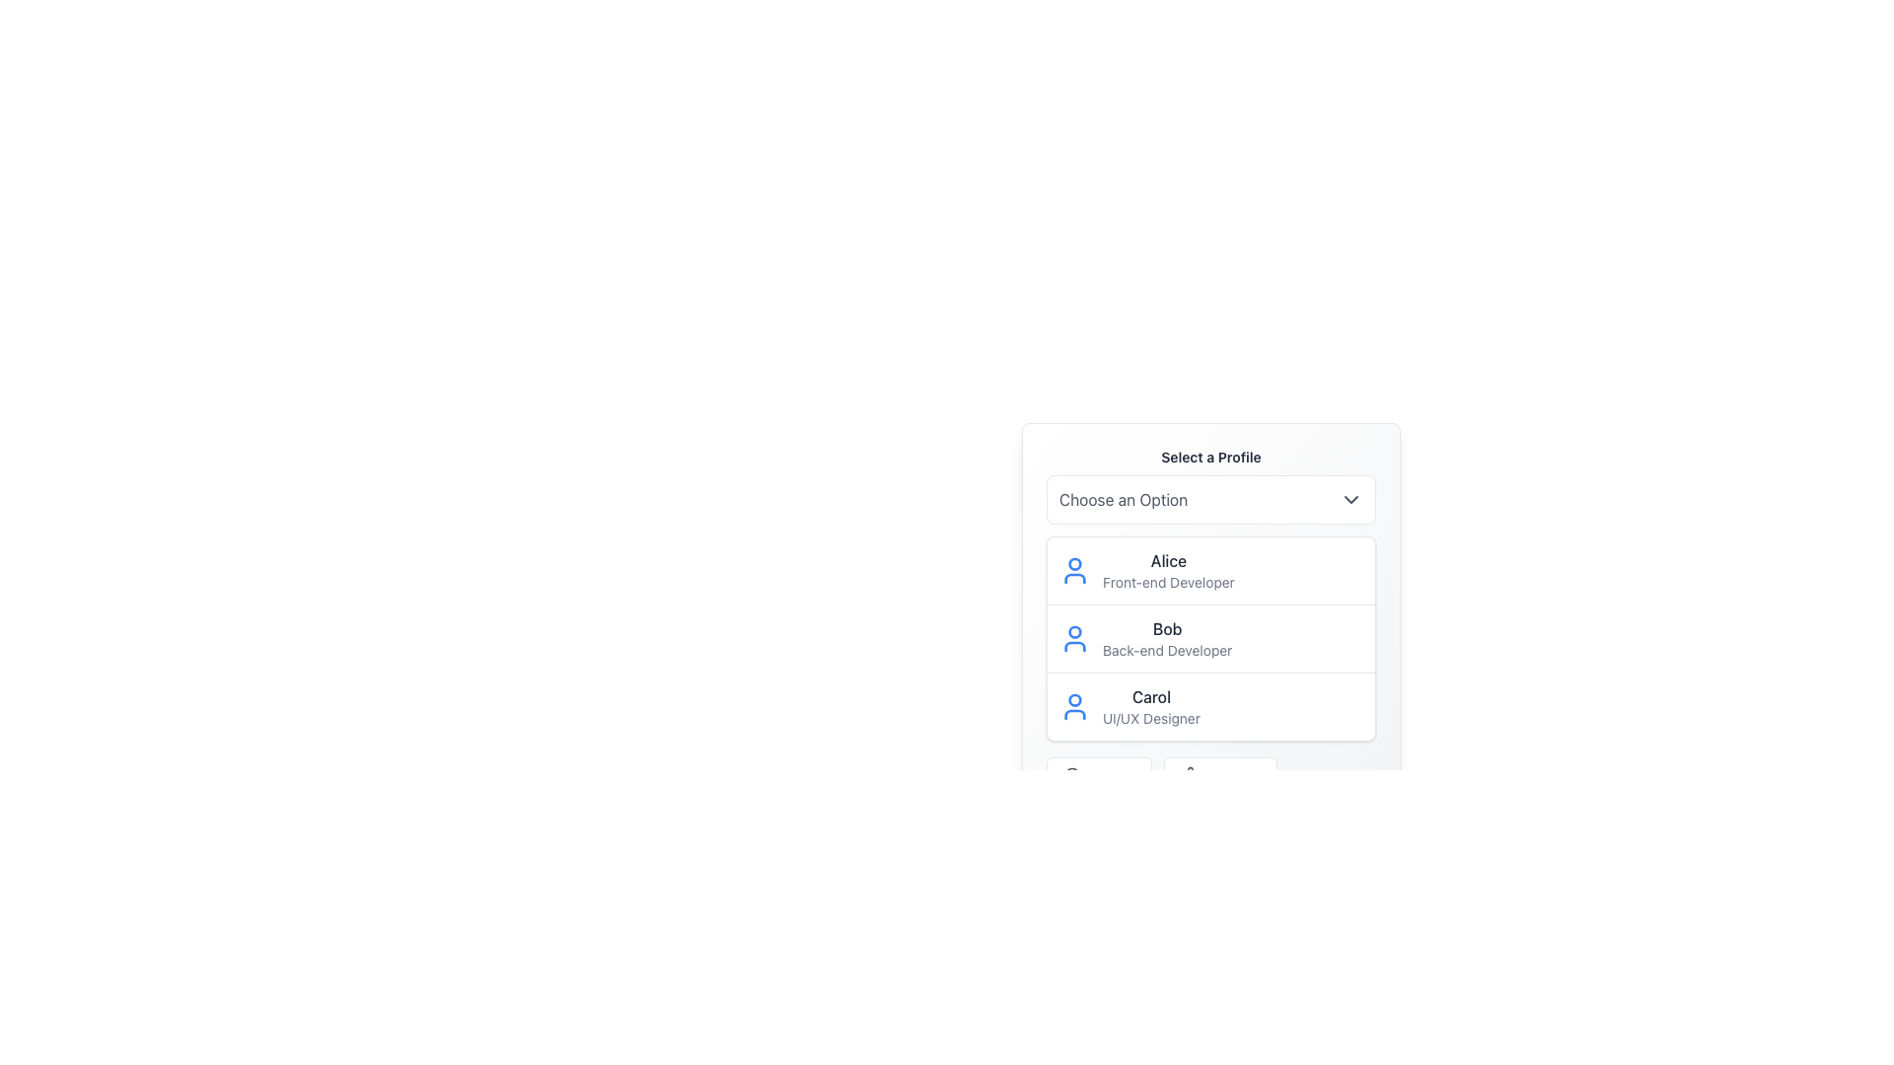  I want to click on the text element displaying 'Carol' and 'UI/UX Designer' within the third user profile card in the vertical list, so click(1151, 706).